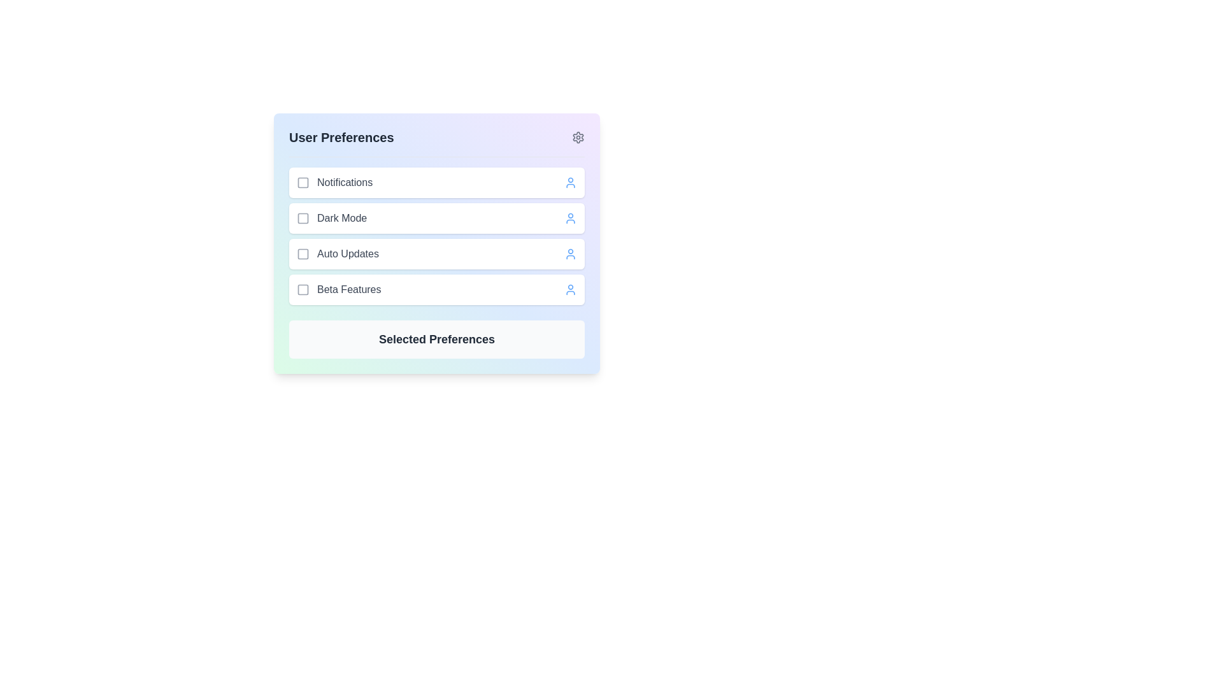  What do you see at coordinates (338, 254) in the screenshot?
I see `the checkbox next to the 'Auto Updates' label` at bounding box center [338, 254].